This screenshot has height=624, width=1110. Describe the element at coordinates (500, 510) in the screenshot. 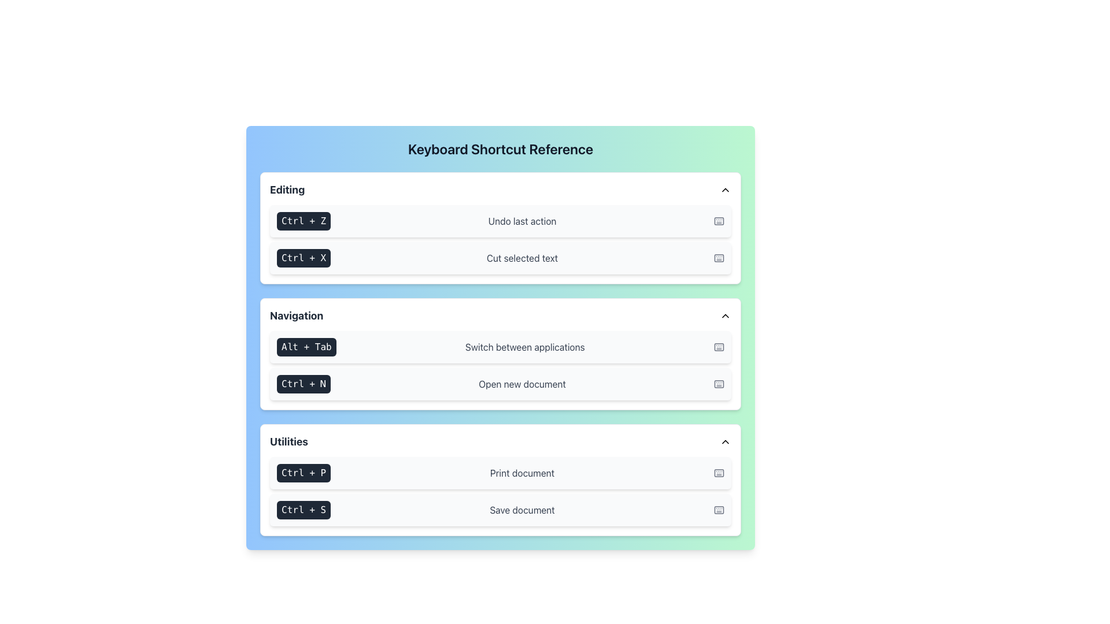

I see `the Keyboard Shortcut Information Block which displays 'Ctrl + S' on a dark background, with a gray label 'Save document' in the center and a keyboard icon on the right` at that location.